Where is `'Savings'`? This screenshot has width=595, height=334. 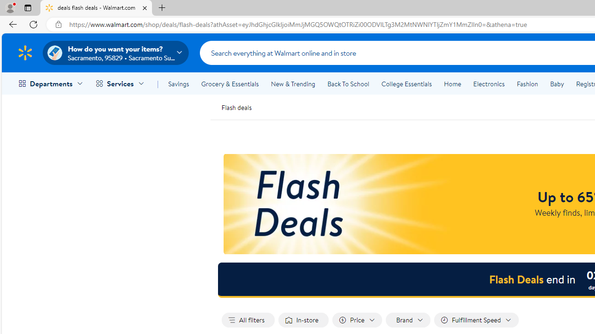 'Savings' is located at coordinates (178, 84).